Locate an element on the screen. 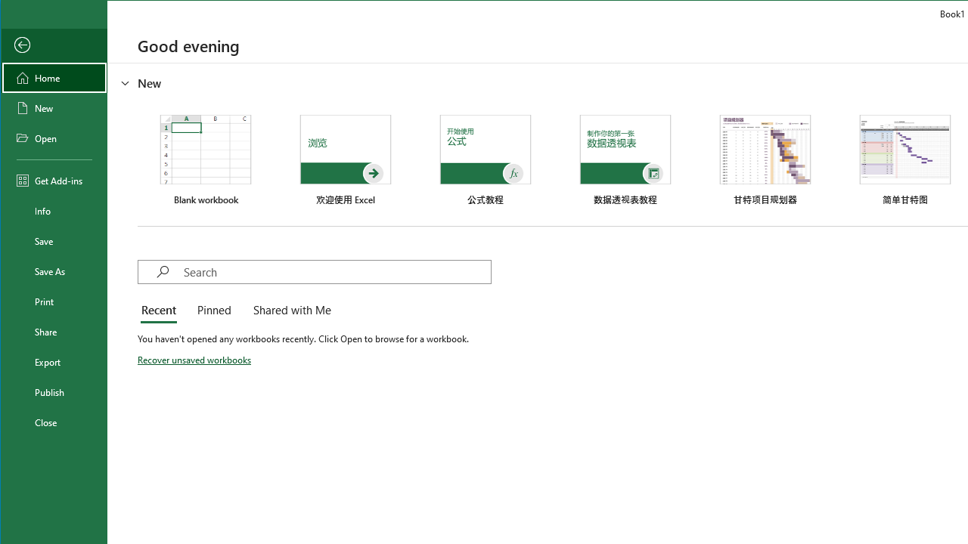 Image resolution: width=968 pixels, height=544 pixels. 'Save As' is located at coordinates (54, 270).